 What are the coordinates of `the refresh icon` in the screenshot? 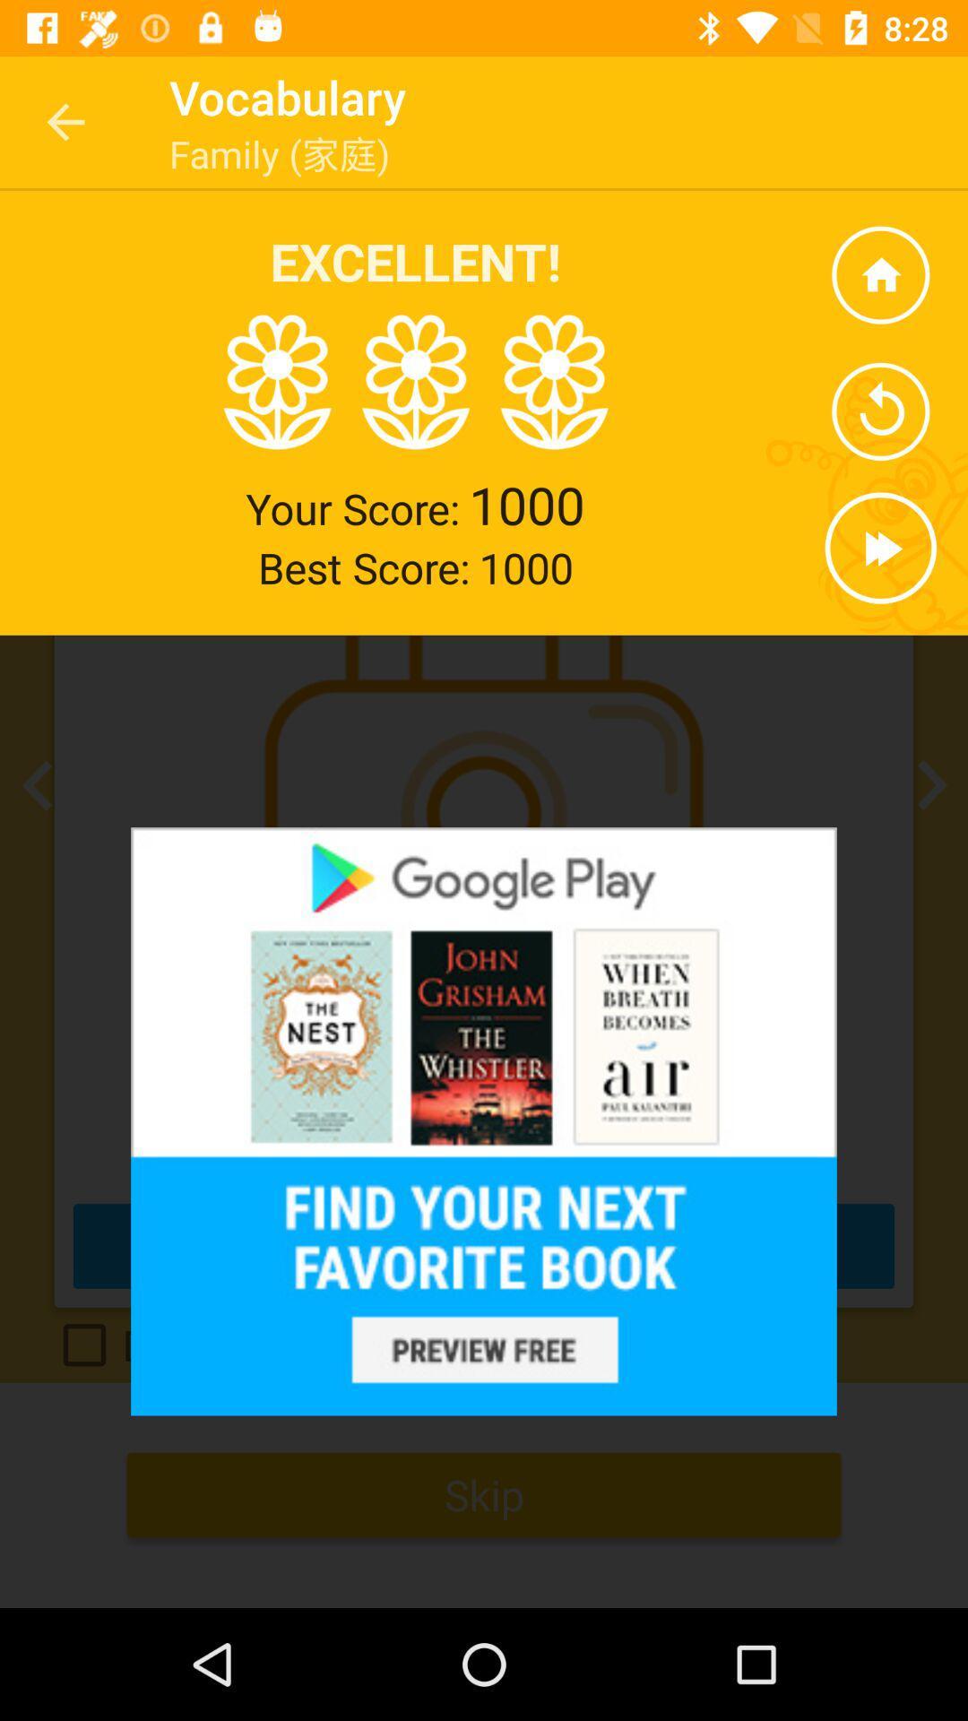 It's located at (879, 411).